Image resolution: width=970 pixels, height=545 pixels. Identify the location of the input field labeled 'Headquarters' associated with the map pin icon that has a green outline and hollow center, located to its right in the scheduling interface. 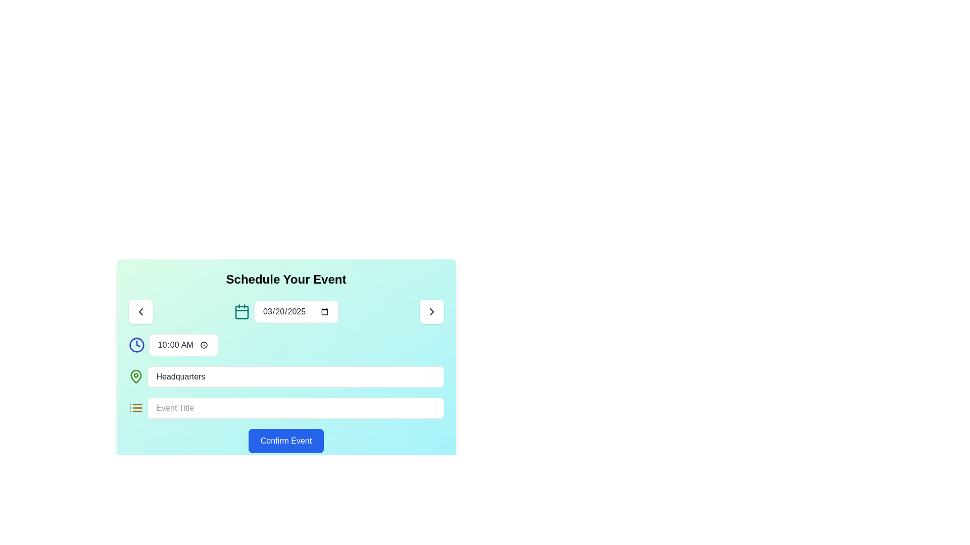
(135, 377).